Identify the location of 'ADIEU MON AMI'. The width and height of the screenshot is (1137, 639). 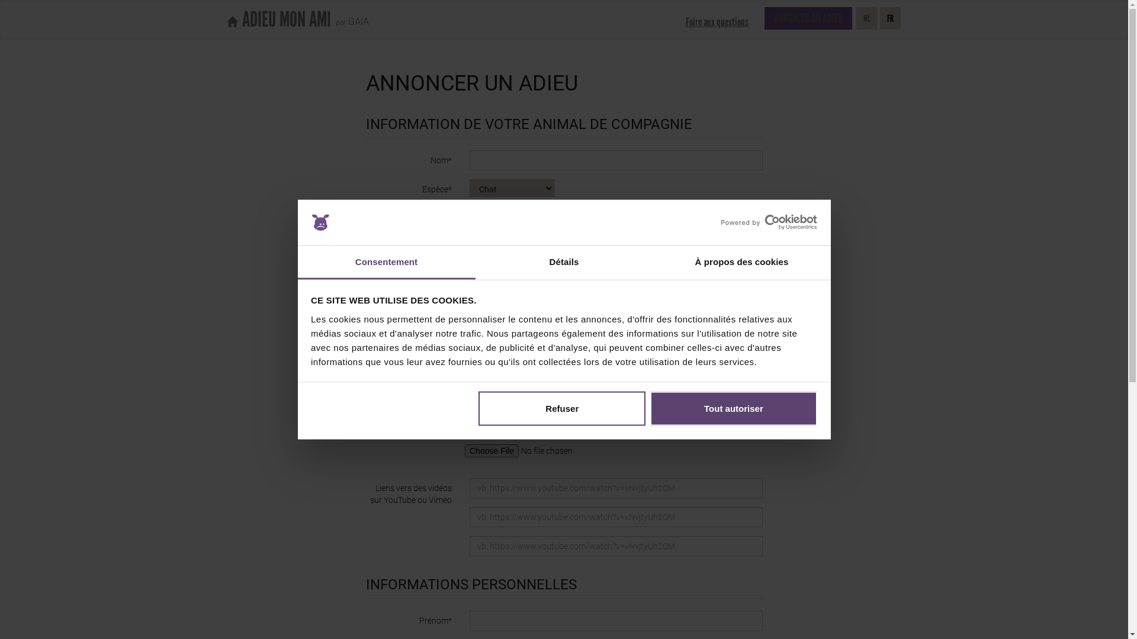
(278, 20).